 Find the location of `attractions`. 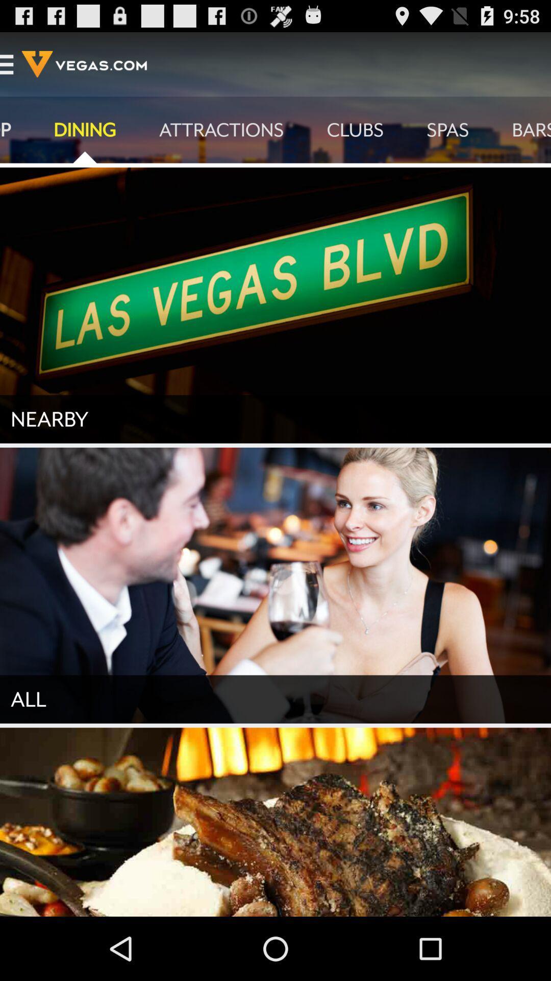

attractions is located at coordinates (221, 129).